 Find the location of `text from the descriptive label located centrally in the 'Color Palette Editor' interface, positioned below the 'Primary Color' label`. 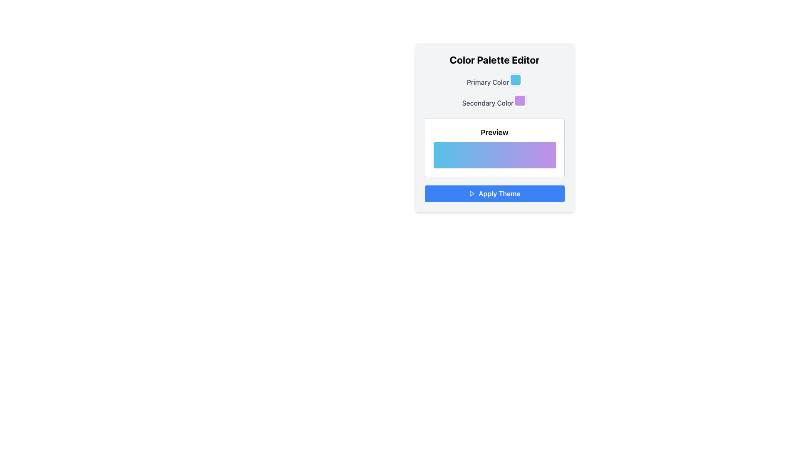

text from the descriptive label located centrally in the 'Color Palette Editor' interface, positioned below the 'Primary Color' label is located at coordinates (488, 102).